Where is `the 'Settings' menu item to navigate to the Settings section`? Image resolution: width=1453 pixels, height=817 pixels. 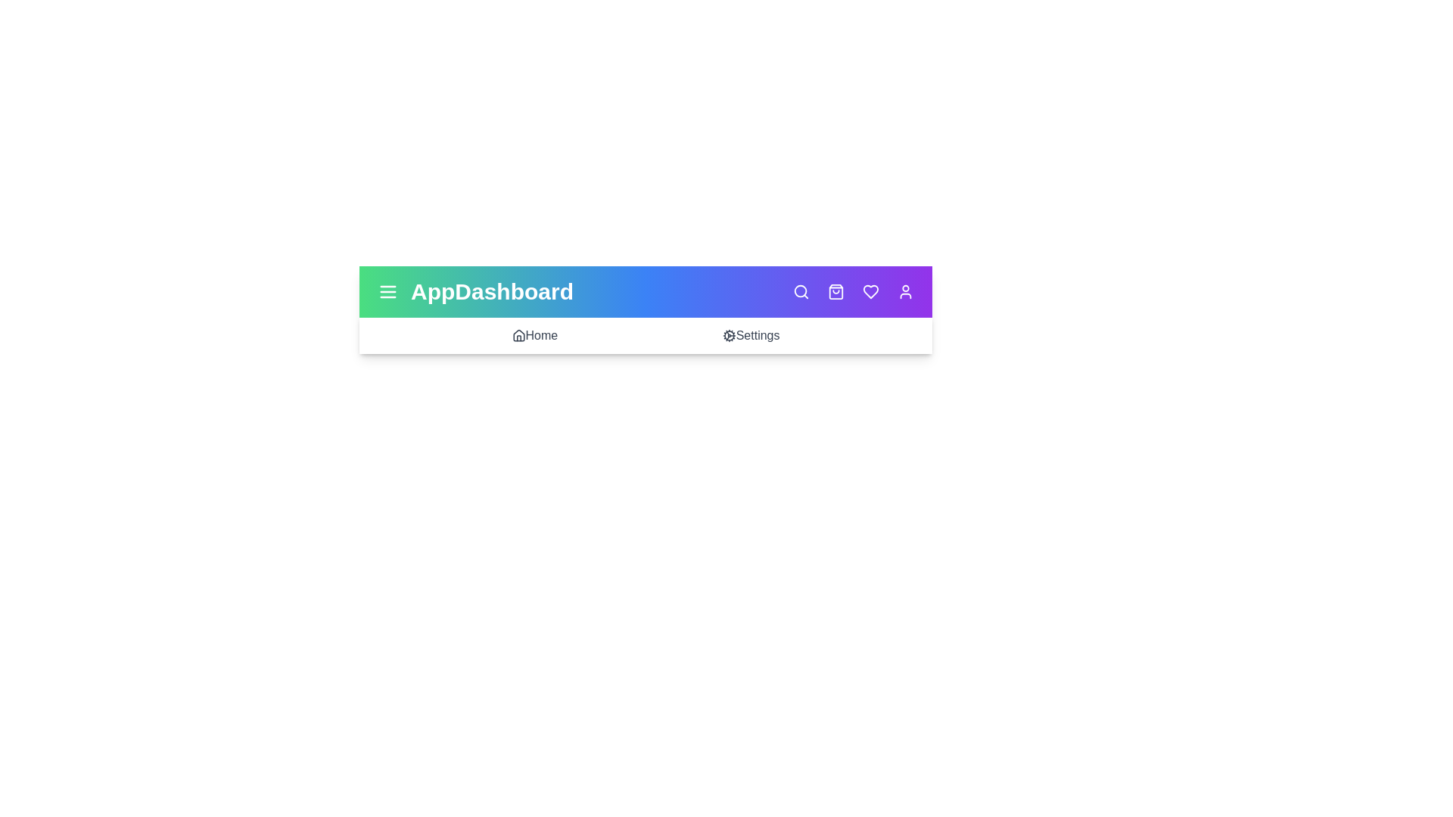 the 'Settings' menu item to navigate to the Settings section is located at coordinates (751, 334).